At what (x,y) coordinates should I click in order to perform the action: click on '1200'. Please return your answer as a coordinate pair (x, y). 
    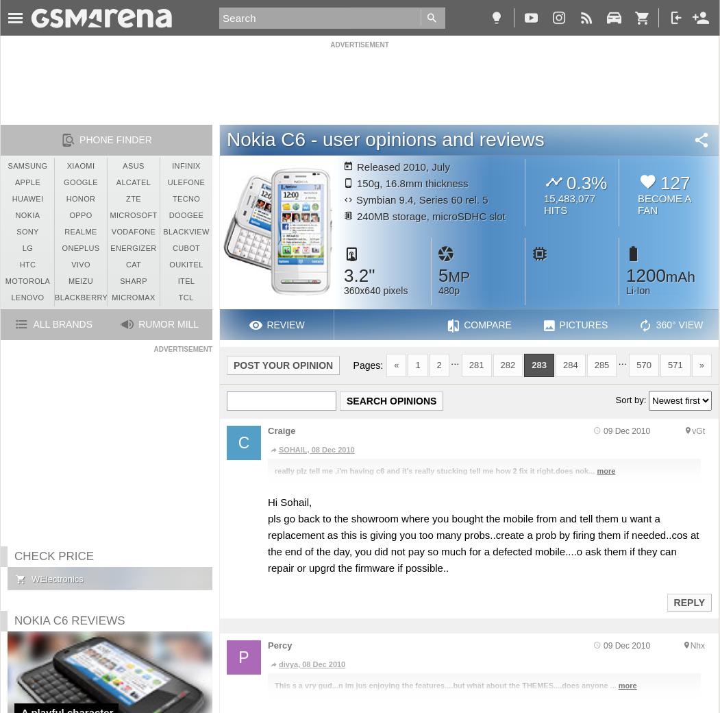
    Looking at the image, I should click on (625, 275).